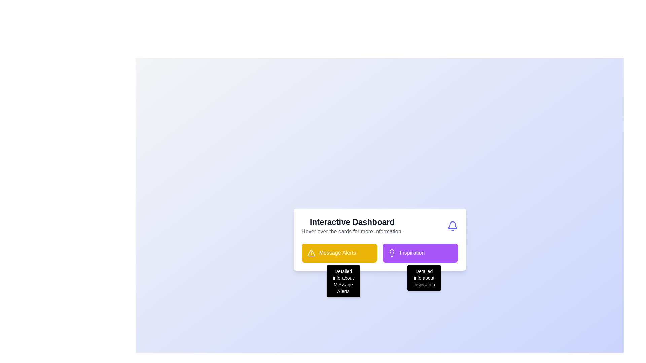 The width and height of the screenshot is (646, 363). What do you see at coordinates (343, 281) in the screenshot?
I see `the tooltip associated with the 'Message Alerts' button, which provides additional information when hovered upon` at bounding box center [343, 281].